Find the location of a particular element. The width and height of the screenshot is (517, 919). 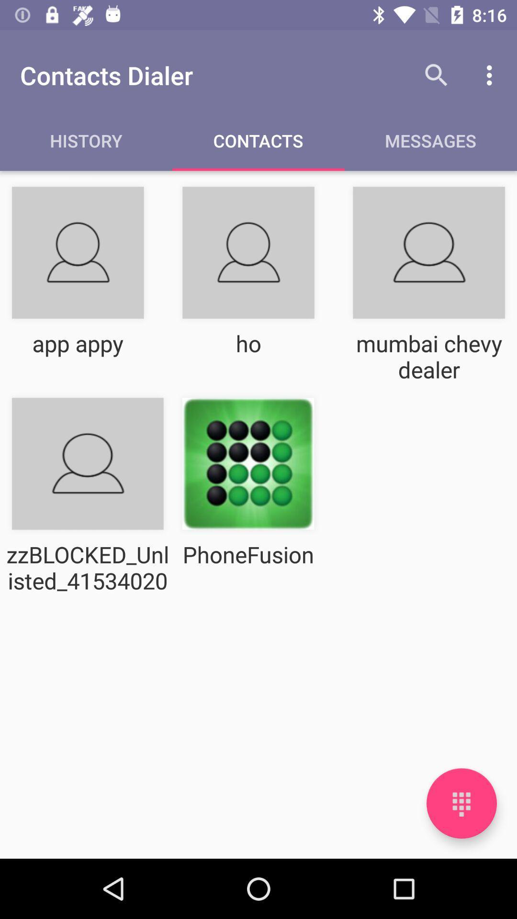

the icon to the right of contacts dialer item is located at coordinates (436, 75).